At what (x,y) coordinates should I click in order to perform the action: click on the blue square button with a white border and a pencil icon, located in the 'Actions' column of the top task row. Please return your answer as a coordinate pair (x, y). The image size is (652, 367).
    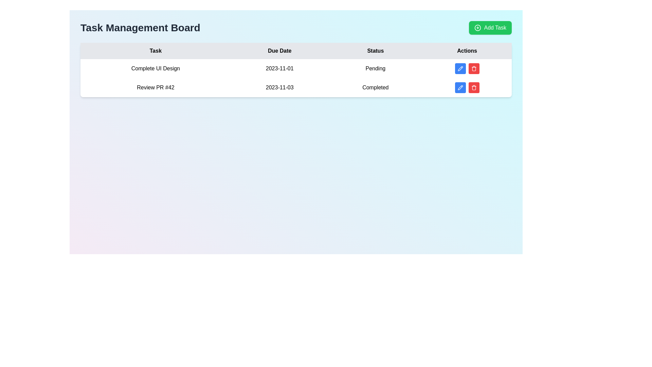
    Looking at the image, I should click on (460, 68).